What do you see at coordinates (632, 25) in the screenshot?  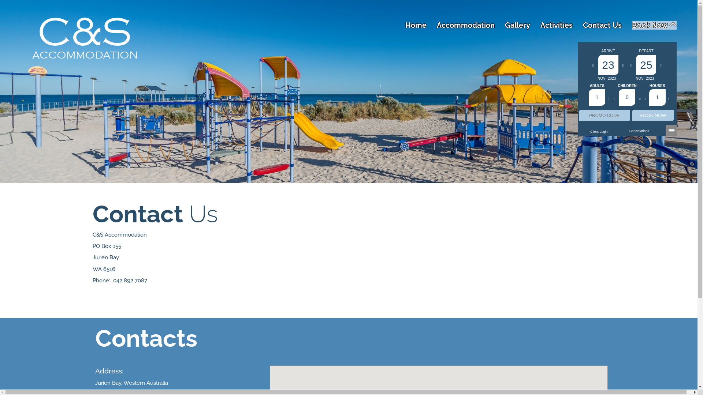 I see `'Book Now'` at bounding box center [632, 25].